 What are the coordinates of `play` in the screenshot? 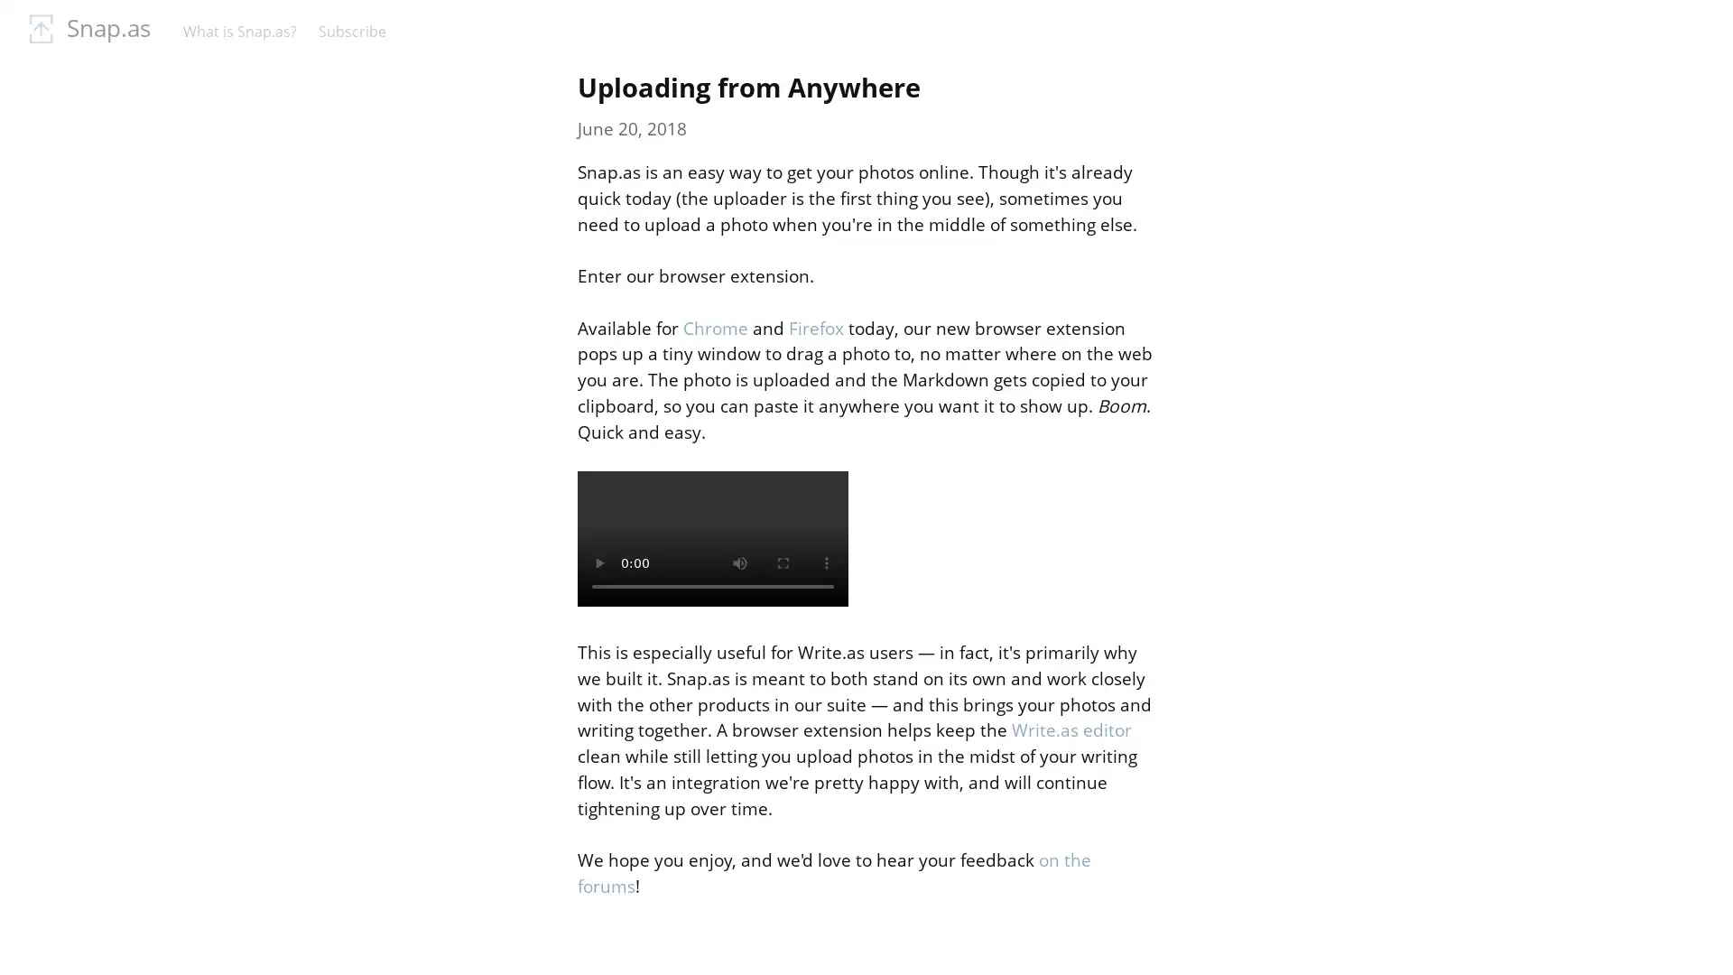 It's located at (598, 562).